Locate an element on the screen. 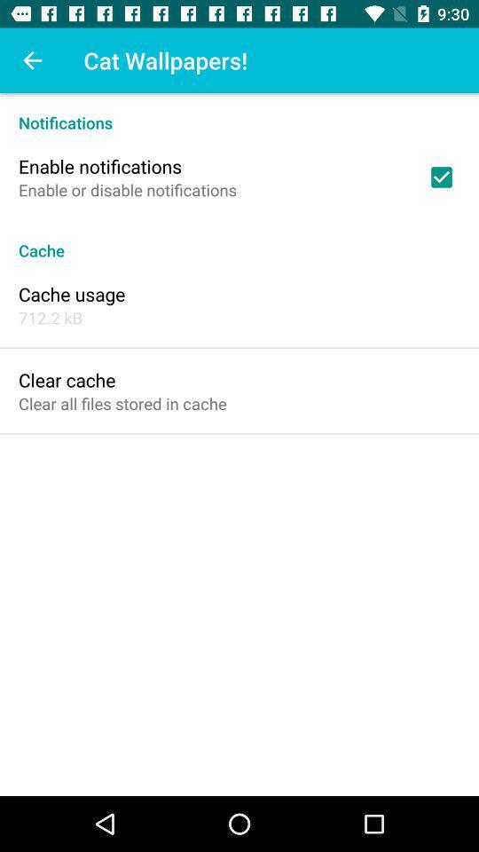 The height and width of the screenshot is (852, 479). item above the 712.2 kb icon is located at coordinates (71, 294).